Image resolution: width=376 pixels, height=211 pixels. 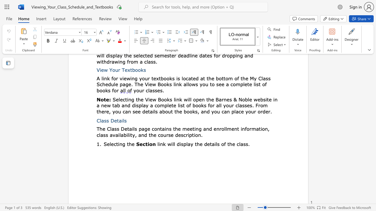 I want to click on the subset text "electing t" within the text "Selecting the", so click(x=107, y=144).